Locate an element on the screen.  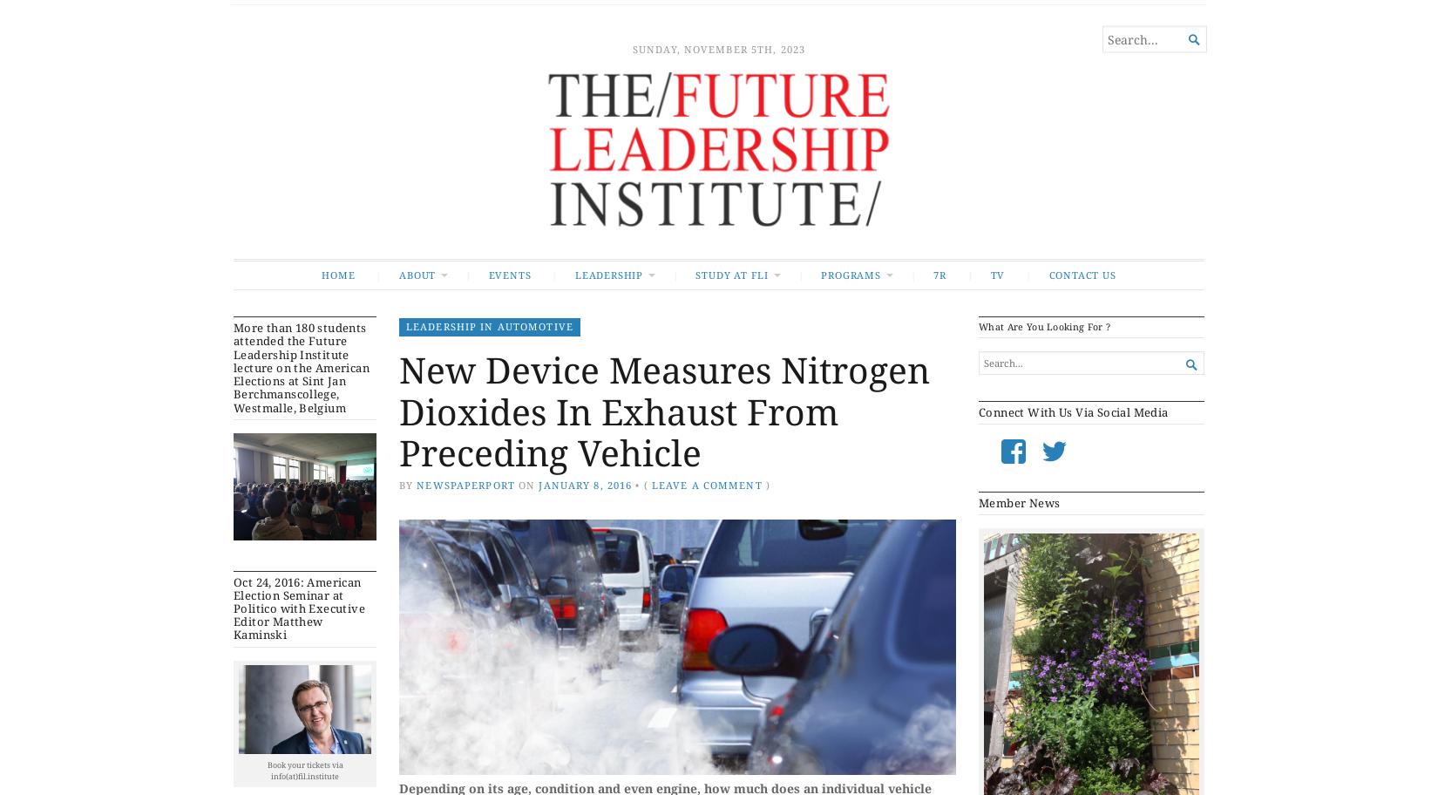
'The Future Leadership Institute' is located at coordinates (353, 51).